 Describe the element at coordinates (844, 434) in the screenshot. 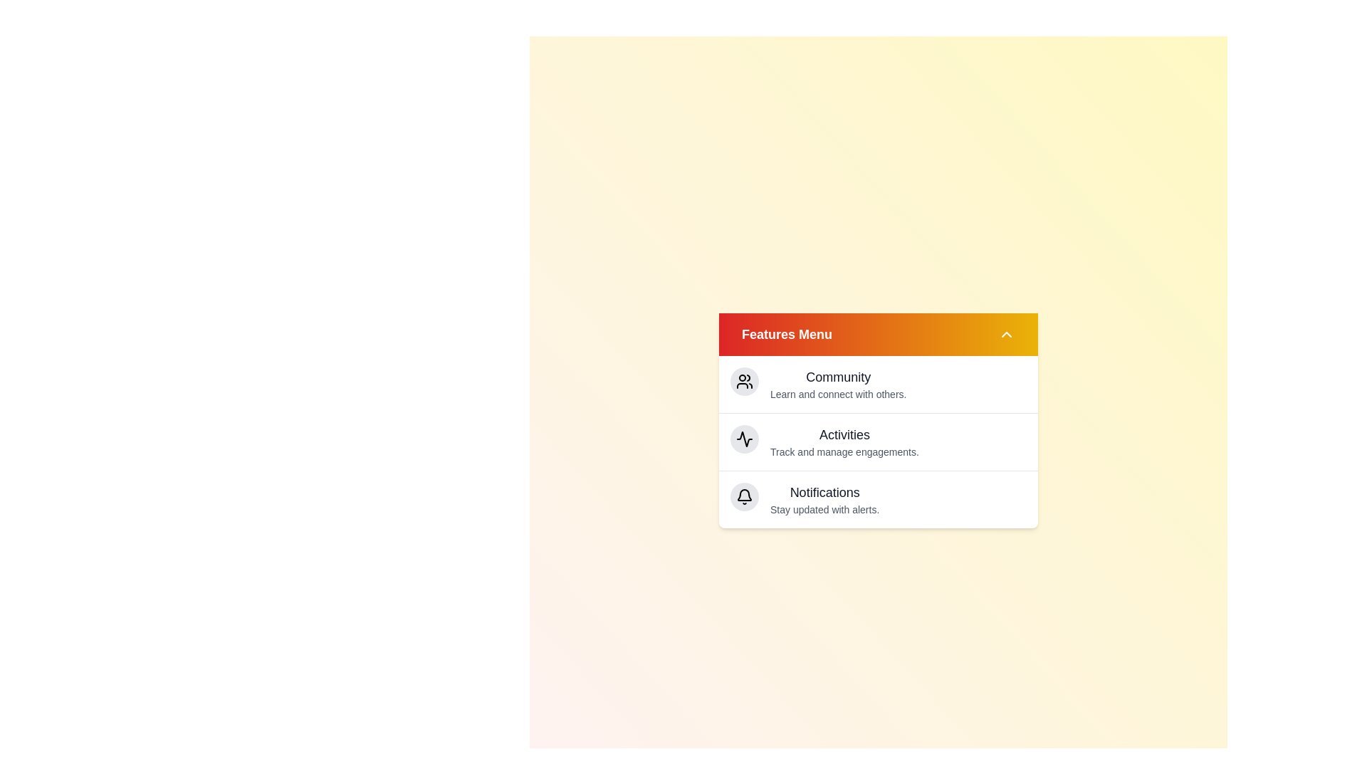

I see `the menu item Activities from the list` at that location.